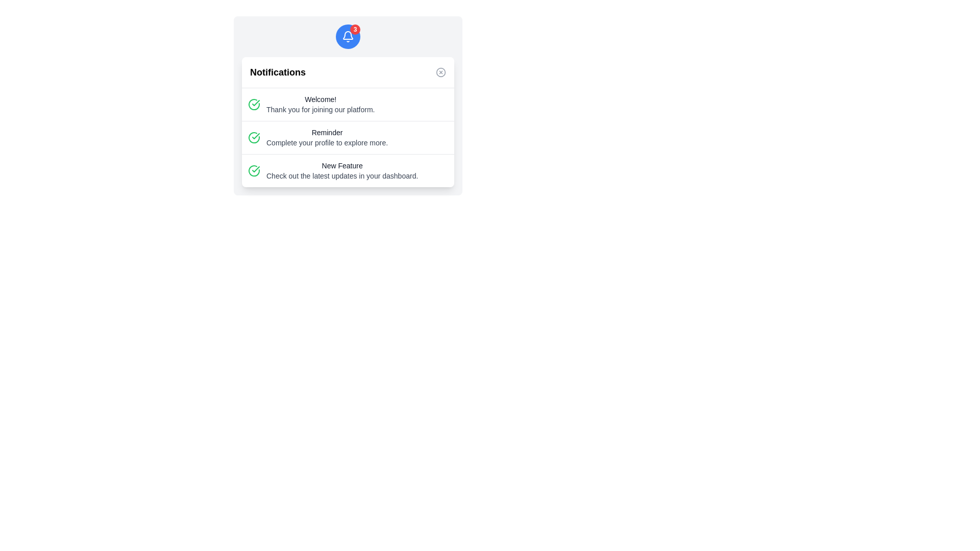 The width and height of the screenshot is (980, 551). I want to click on the Notification Badge located at the top-right corner of the blue circular icon with a bell symbol, which indicates the quantity of unread or pending alerts, so click(355, 29).